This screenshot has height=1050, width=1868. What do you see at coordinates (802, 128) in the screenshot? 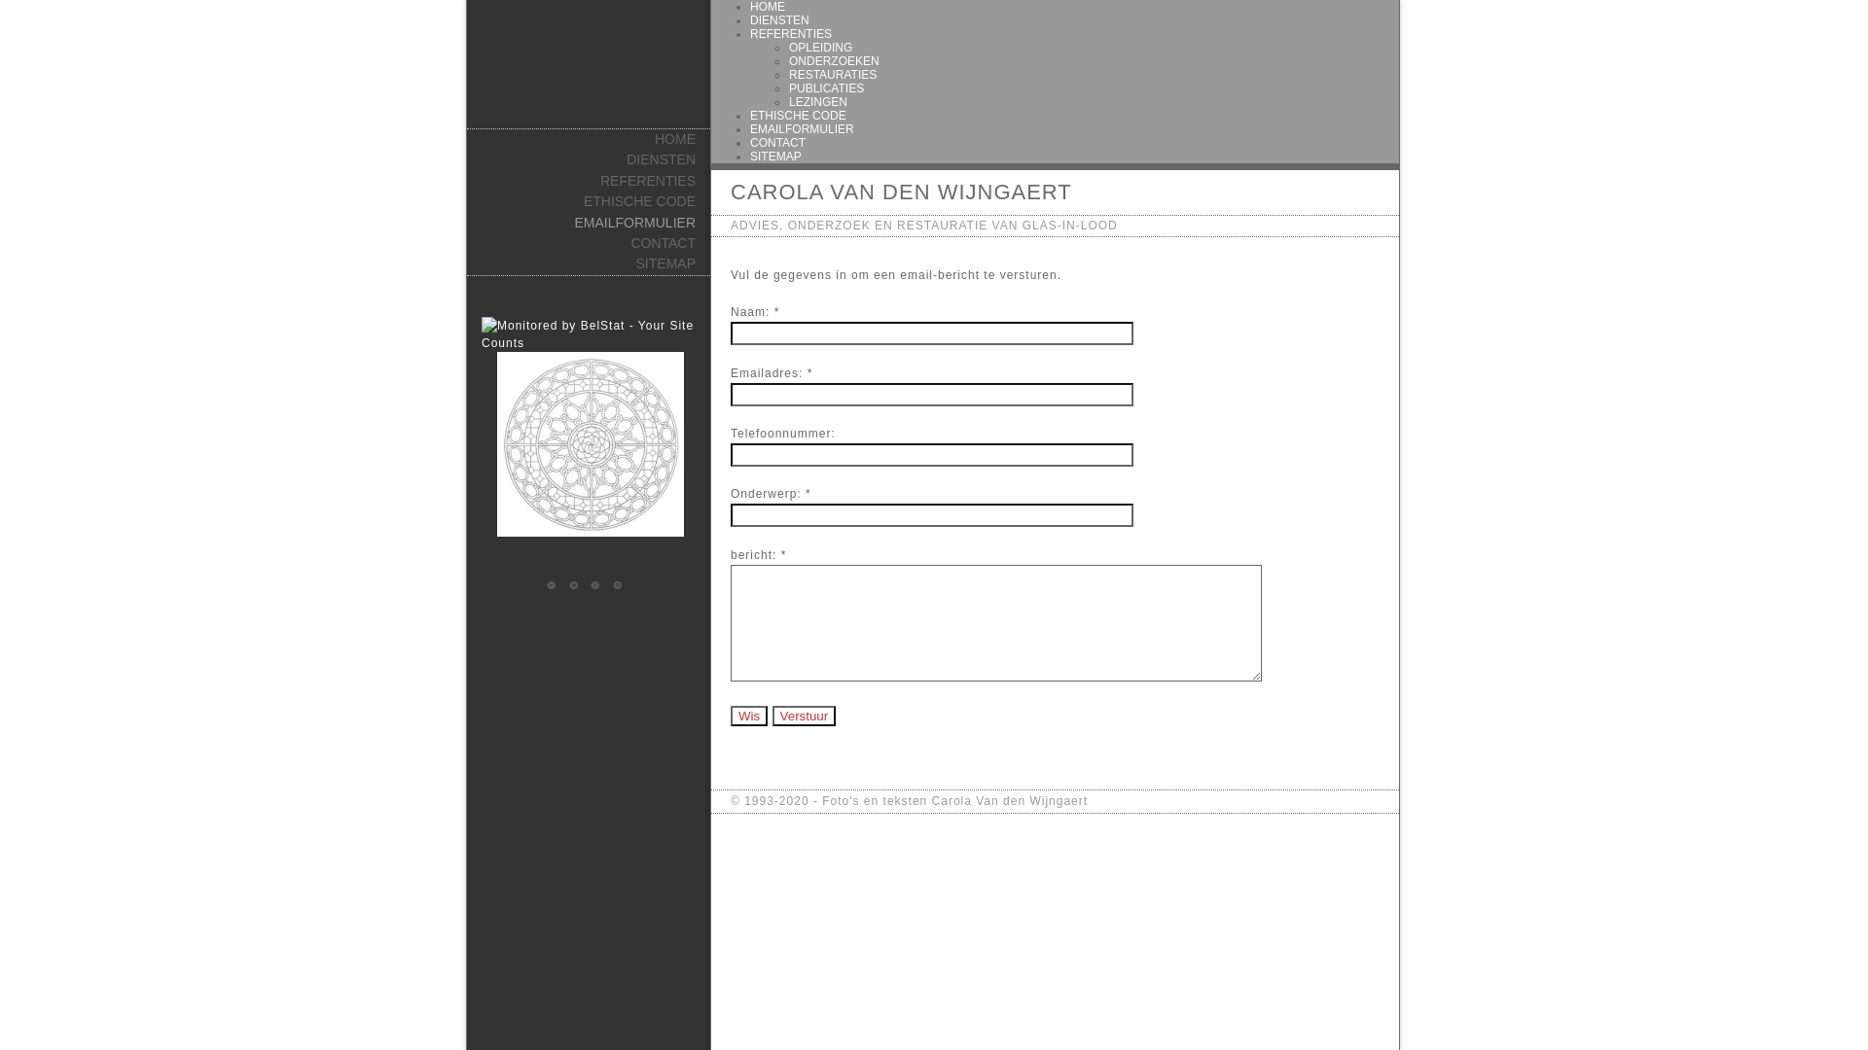
I see `'EMAILFORMULIER'` at bounding box center [802, 128].